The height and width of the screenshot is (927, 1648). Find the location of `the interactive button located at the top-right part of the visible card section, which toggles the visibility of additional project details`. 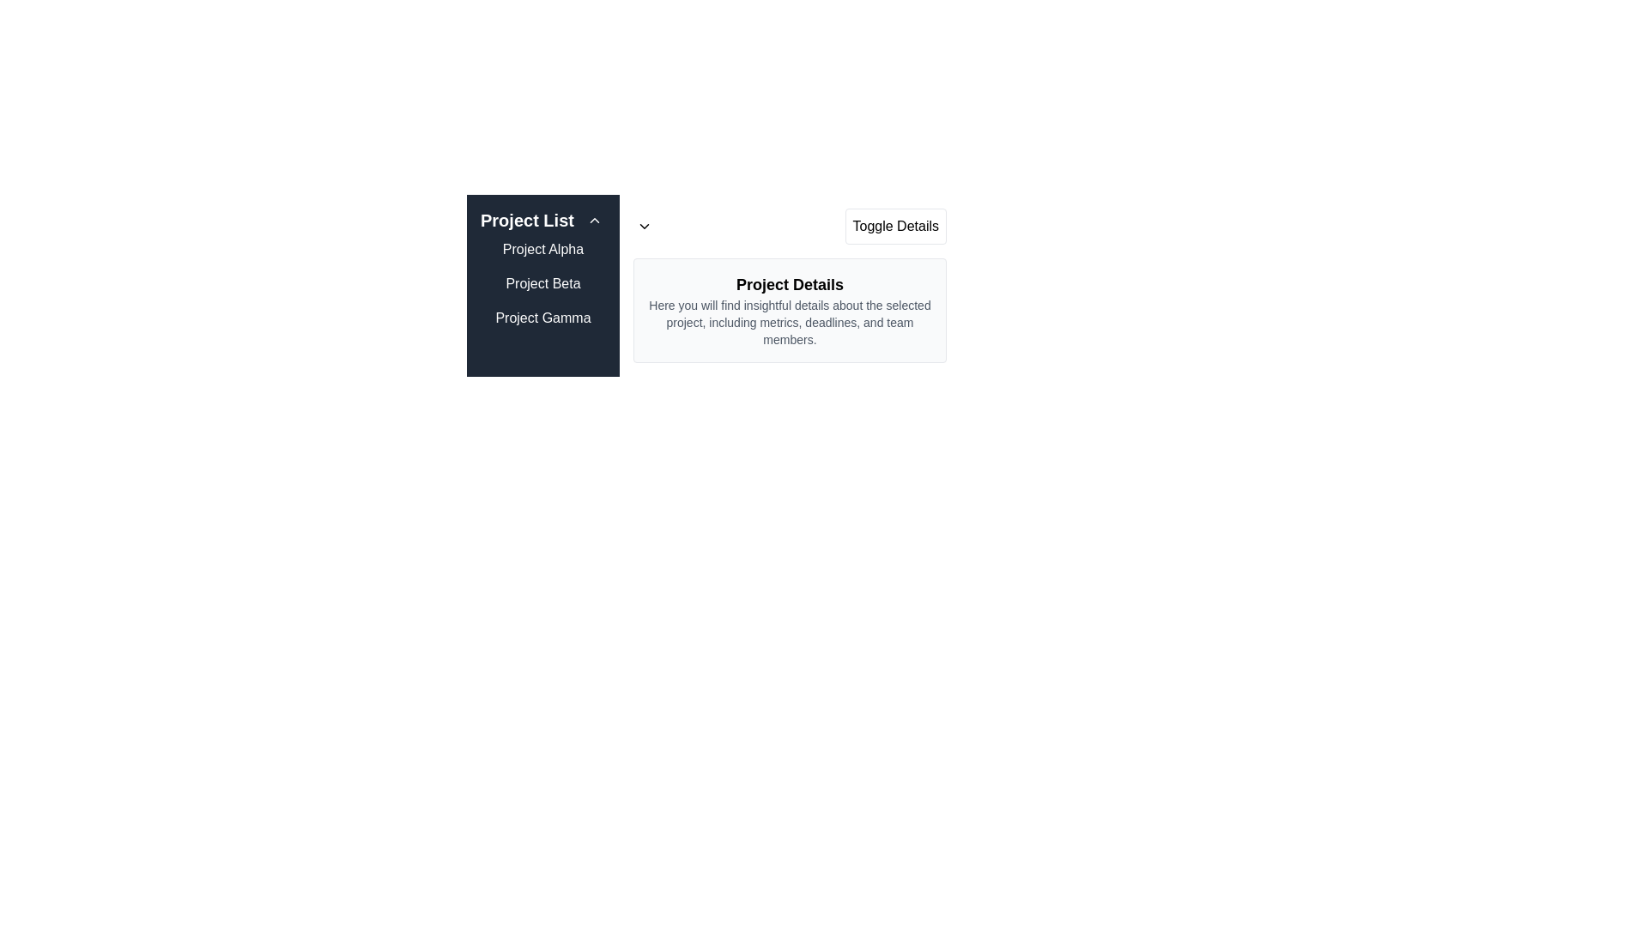

the interactive button located at the top-right part of the visible card section, which toggles the visibility of additional project details is located at coordinates (789, 233).